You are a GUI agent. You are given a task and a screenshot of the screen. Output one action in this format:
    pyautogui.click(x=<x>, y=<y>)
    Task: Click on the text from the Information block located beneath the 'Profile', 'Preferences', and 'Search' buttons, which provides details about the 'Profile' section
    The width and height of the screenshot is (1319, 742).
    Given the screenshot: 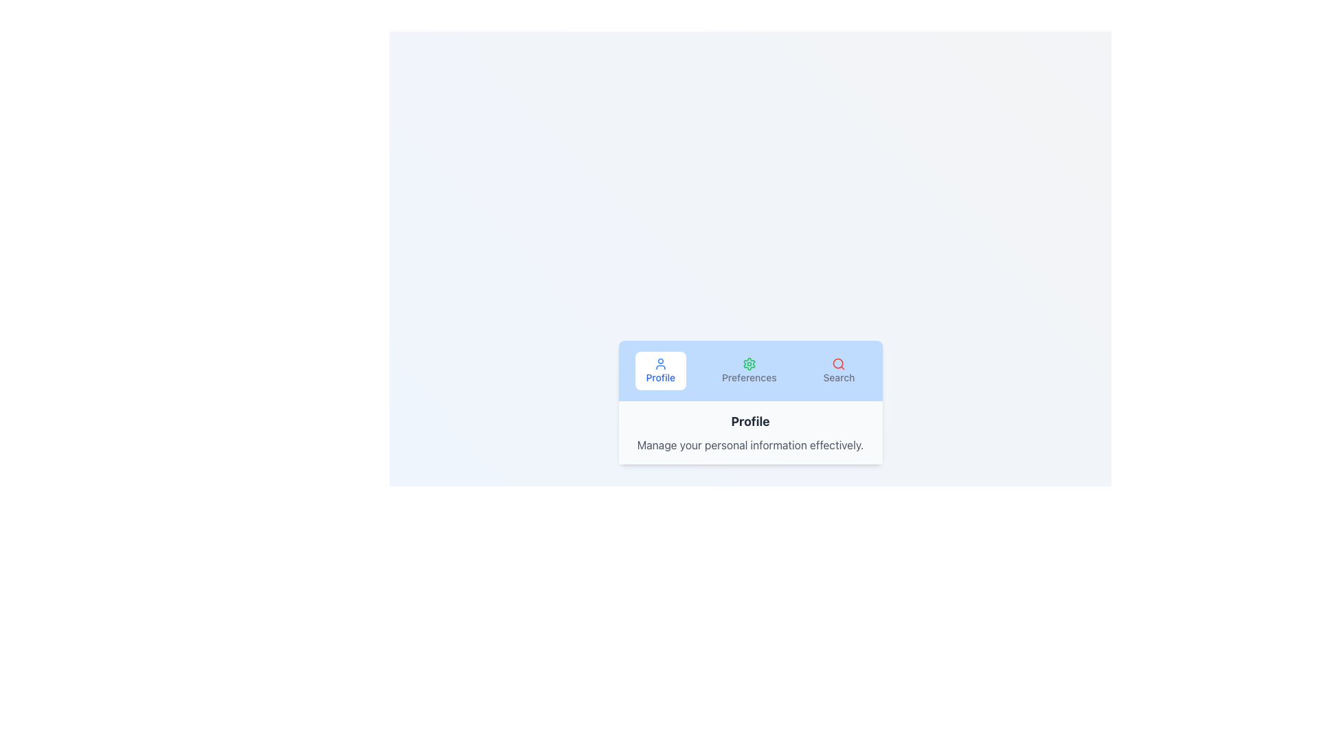 What is the action you would take?
    pyautogui.click(x=749, y=431)
    